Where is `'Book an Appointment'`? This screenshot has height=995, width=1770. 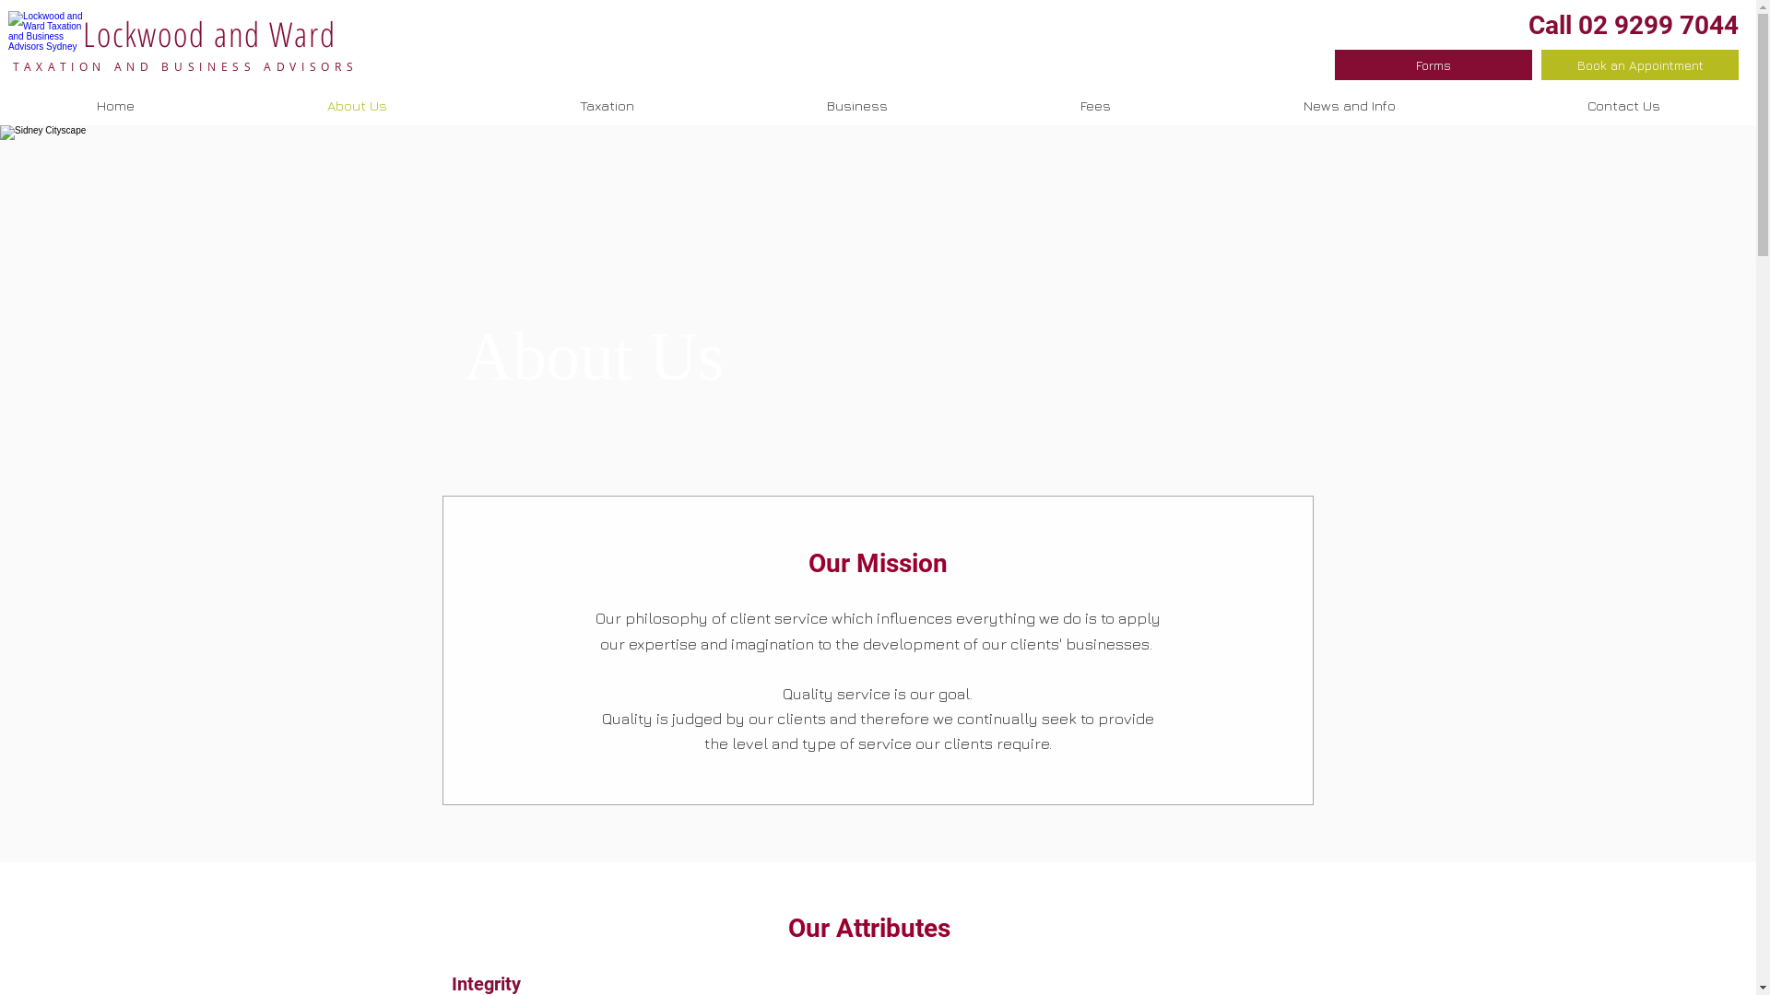
'Book an Appointment' is located at coordinates (1640, 64).